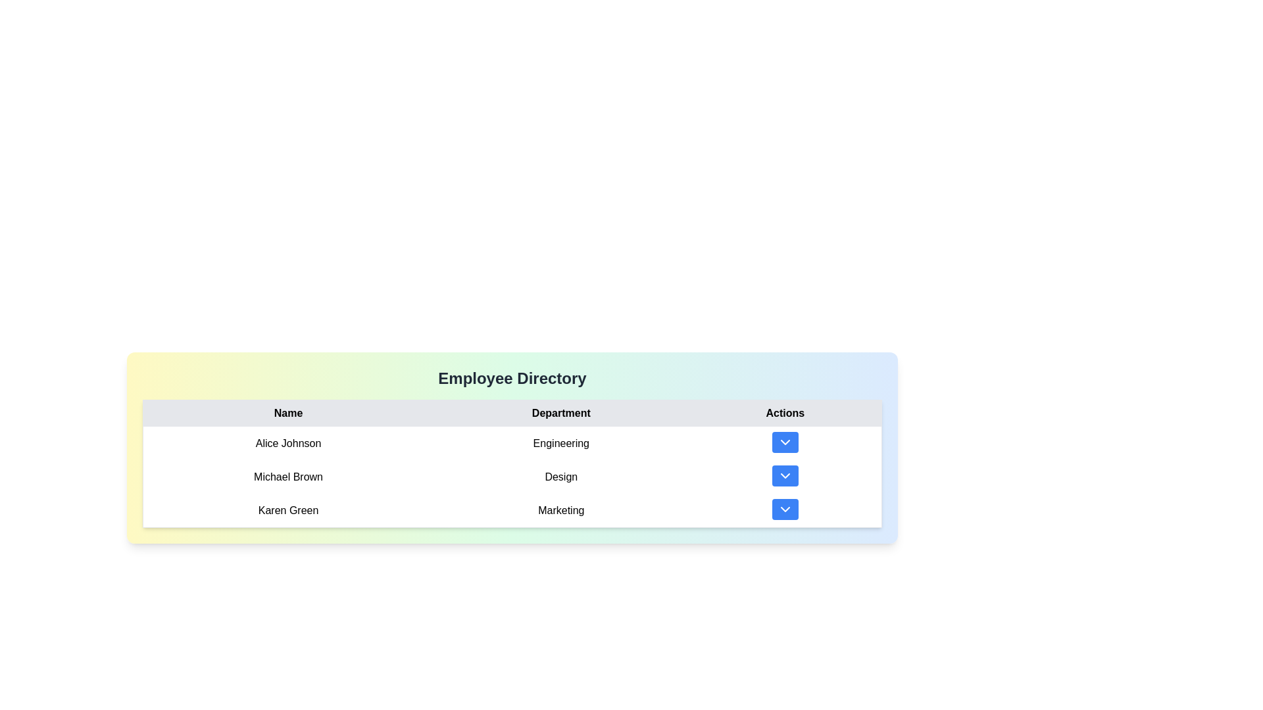 The image size is (1263, 710). What do you see at coordinates (287, 509) in the screenshot?
I see `the text display element showing 'Karen Green'` at bounding box center [287, 509].